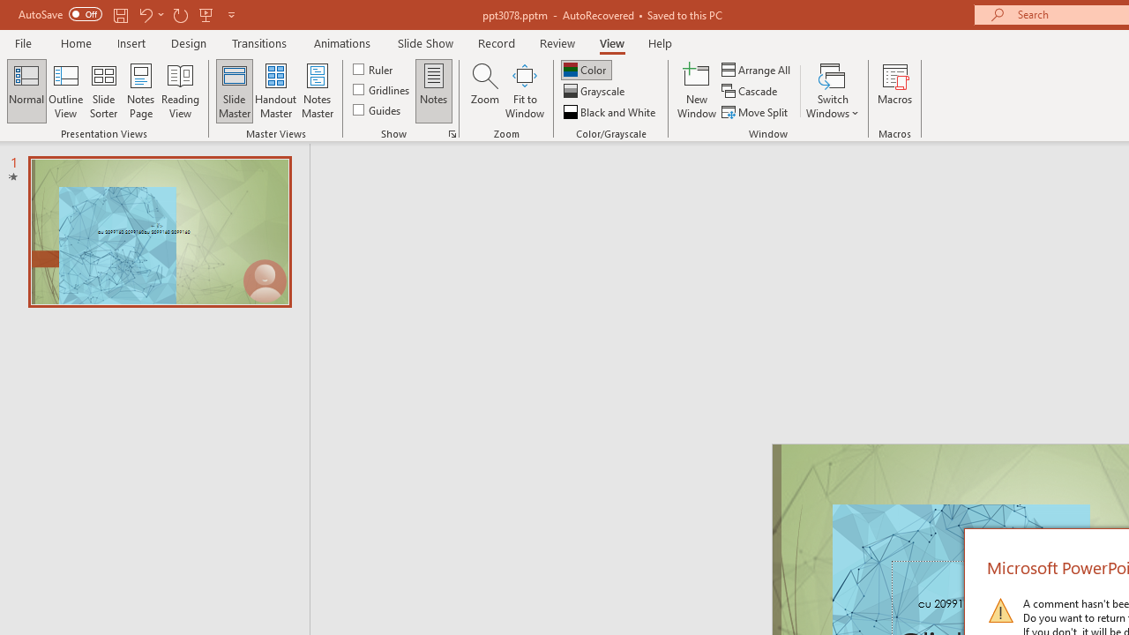 Image resolution: width=1129 pixels, height=635 pixels. What do you see at coordinates (484, 91) in the screenshot?
I see `'Zoom...'` at bounding box center [484, 91].